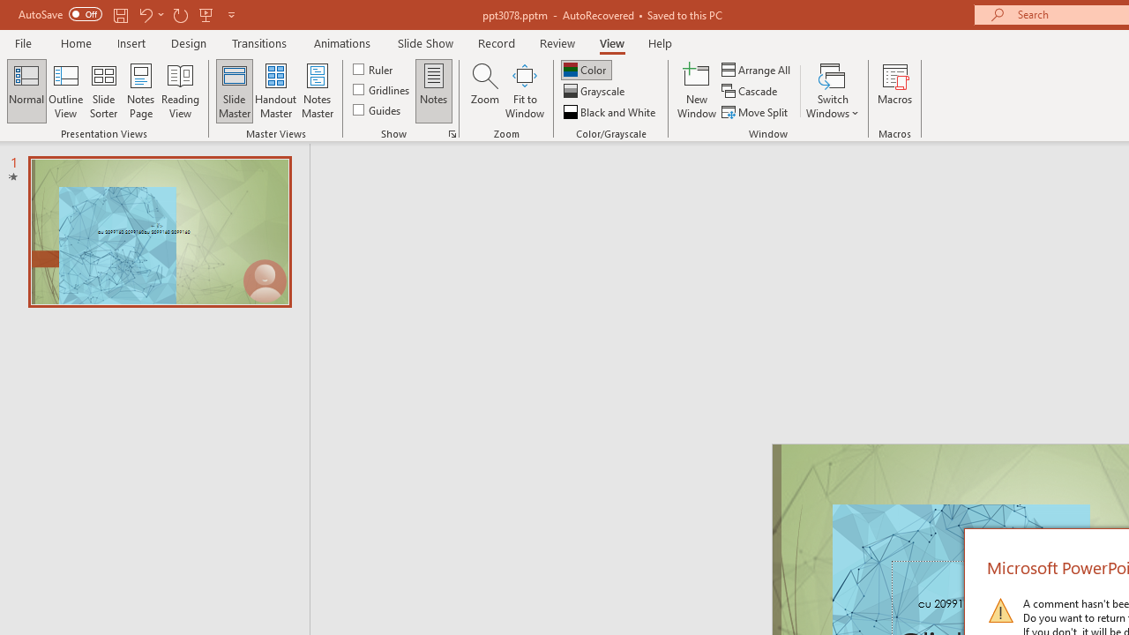 Image resolution: width=1129 pixels, height=635 pixels. What do you see at coordinates (484, 91) in the screenshot?
I see `'Zoom...'` at bounding box center [484, 91].